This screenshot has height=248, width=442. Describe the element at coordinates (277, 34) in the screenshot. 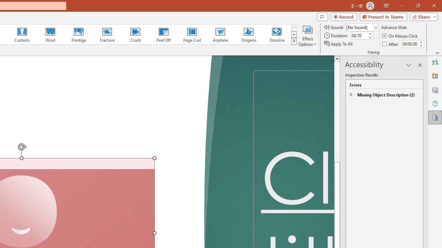

I see `'Dissolve'` at that location.